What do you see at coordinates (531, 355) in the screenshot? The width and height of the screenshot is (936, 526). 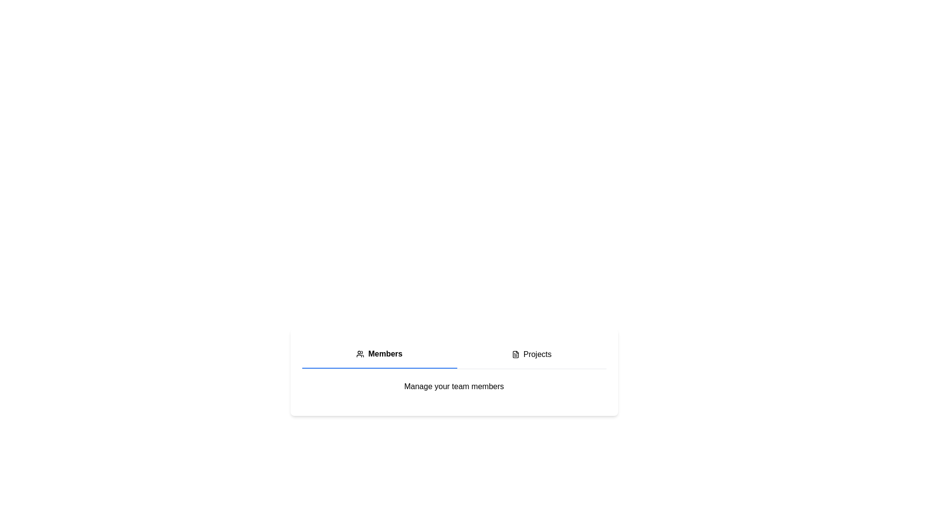 I see `the 'Projects' button, which features a text label and a document icon, located in the upper-right section next to the 'Members' button` at bounding box center [531, 355].